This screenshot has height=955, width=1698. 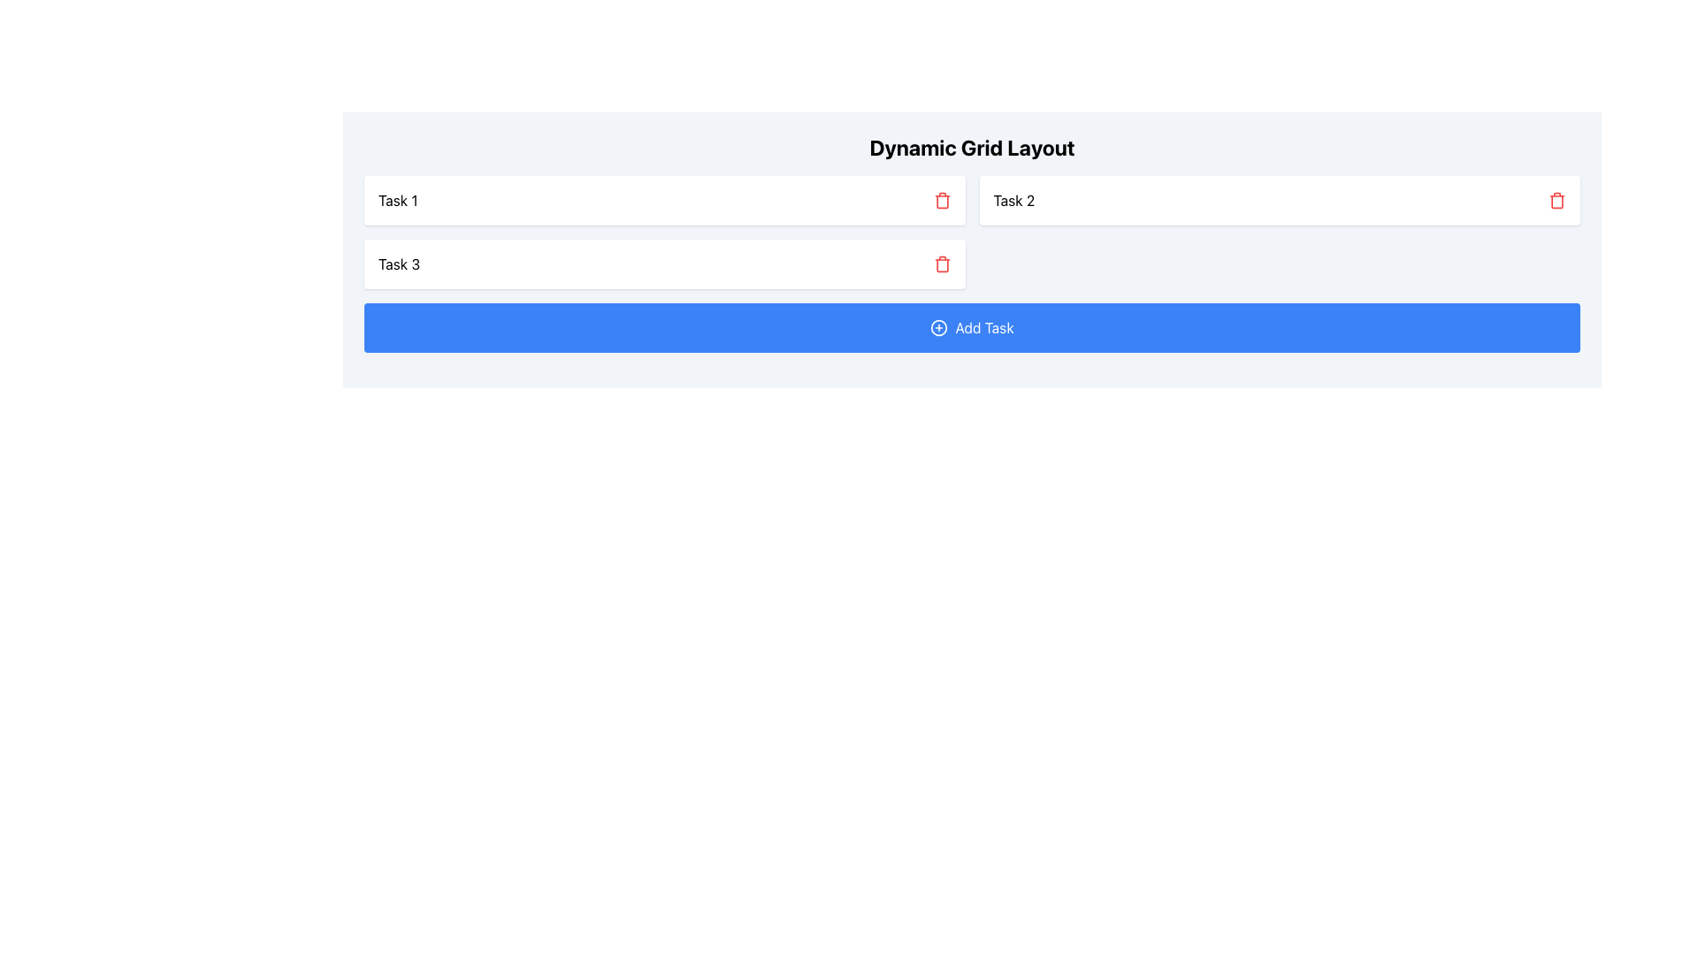 What do you see at coordinates (1557, 200) in the screenshot?
I see `the red trash can icon button next to 'Task 2'` at bounding box center [1557, 200].